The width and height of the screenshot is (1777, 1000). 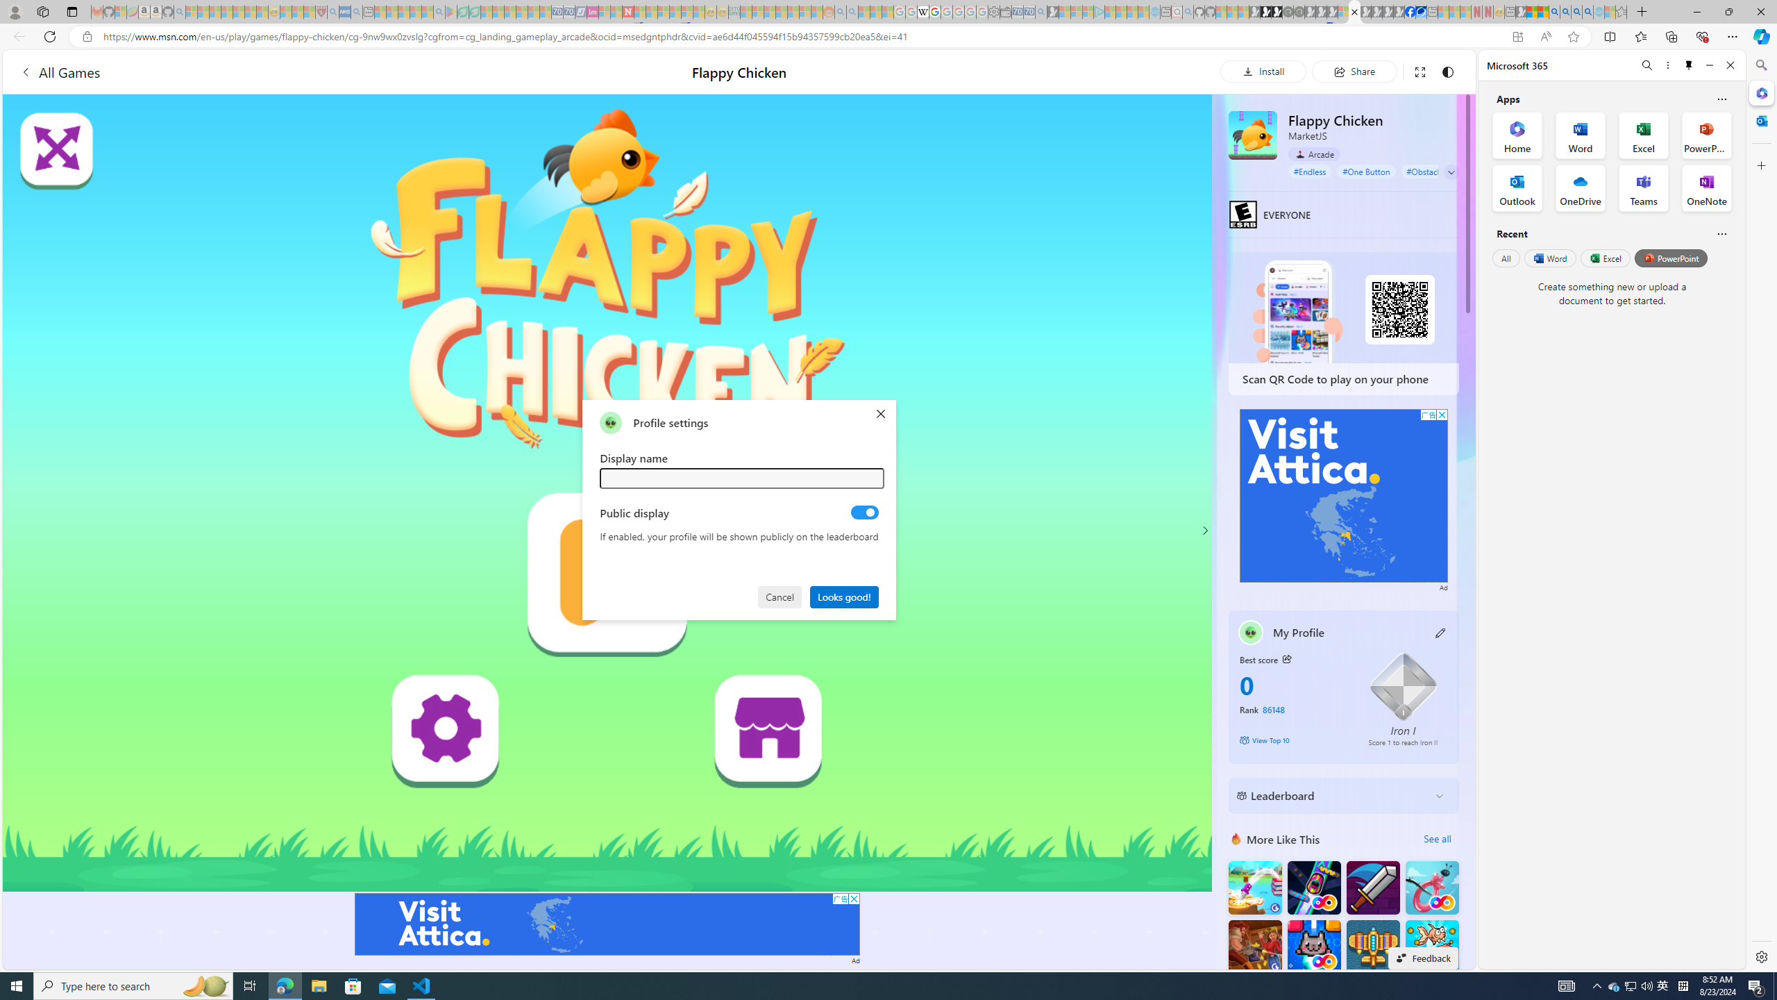 What do you see at coordinates (1553, 11) in the screenshot?
I see `'Bing AI - Search'` at bounding box center [1553, 11].